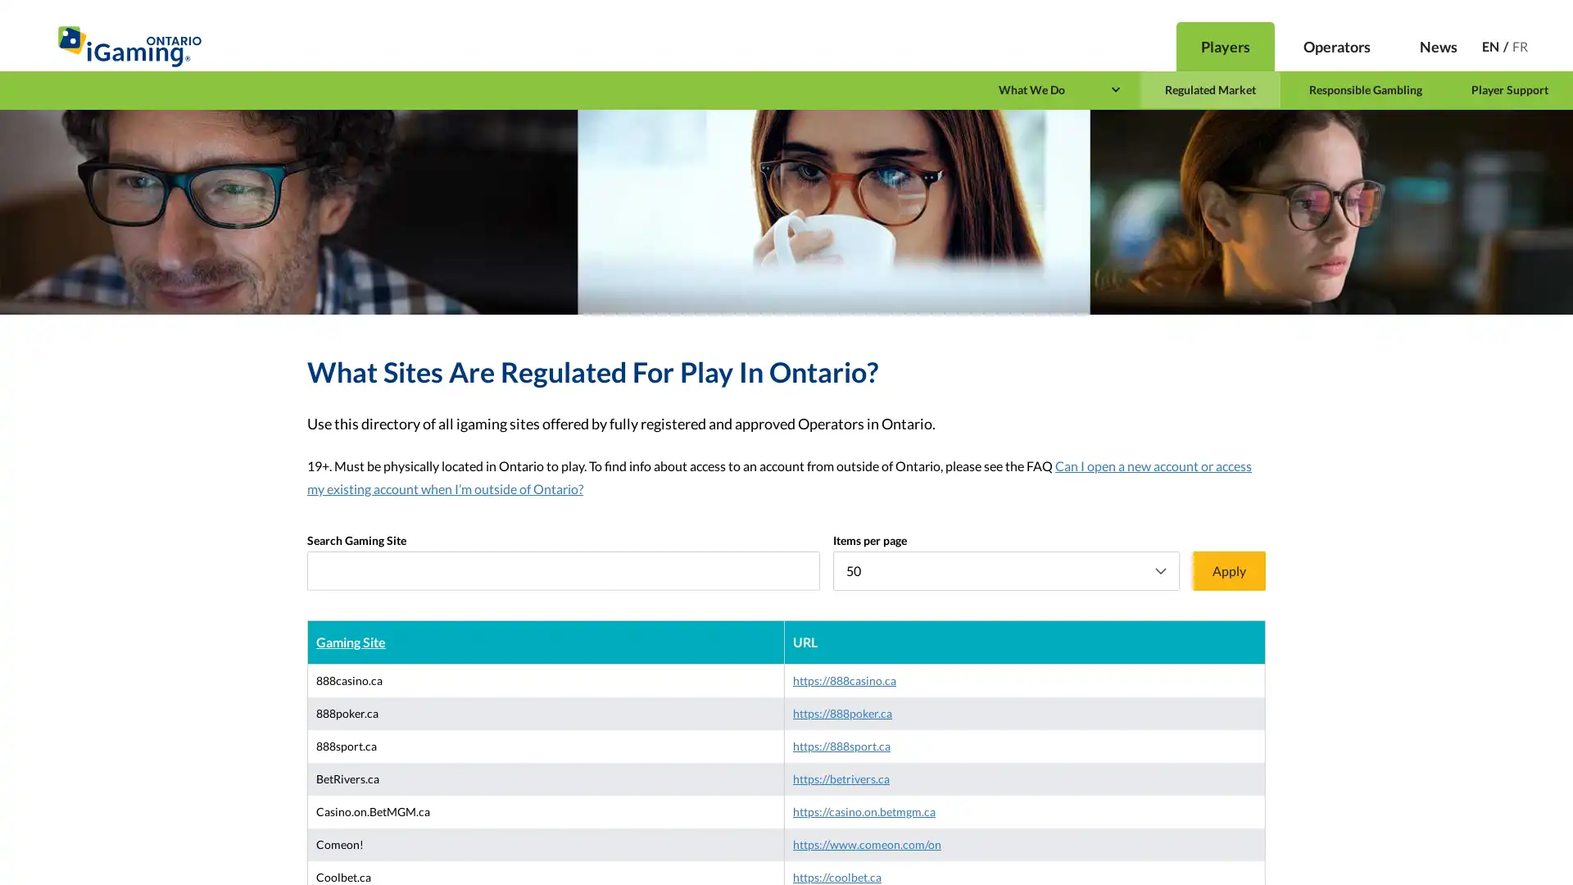  I want to click on Apply, so click(1229, 570).